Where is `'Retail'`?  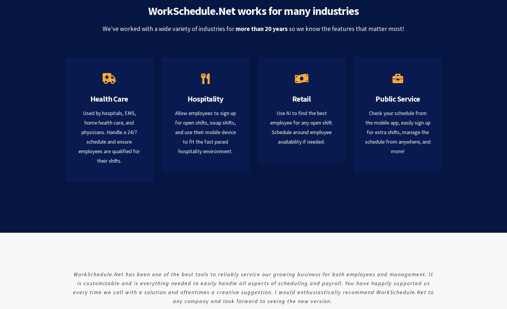 'Retail' is located at coordinates (301, 98).